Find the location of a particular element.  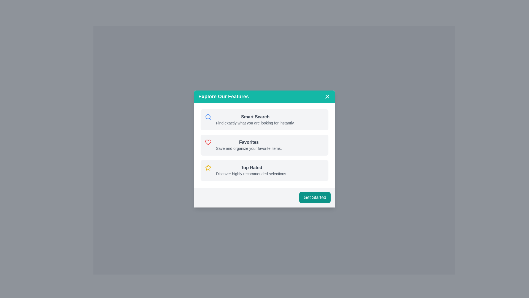

the icons in the information card modal is located at coordinates (264, 149).